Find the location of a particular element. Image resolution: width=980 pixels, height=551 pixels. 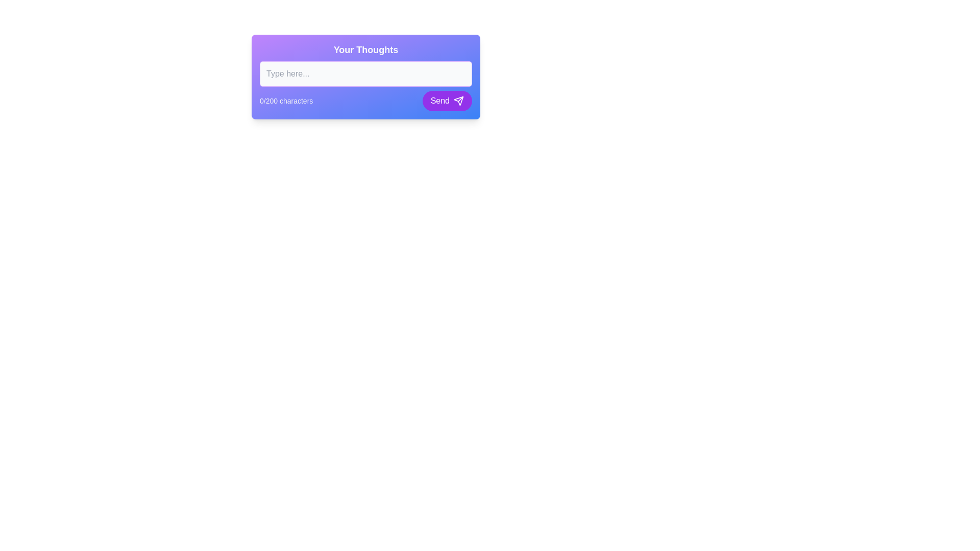

the 'Your Thoughts' text label, which is a bold, large font title at the top of a gradient background transitioning from purple to blue is located at coordinates (365, 49).